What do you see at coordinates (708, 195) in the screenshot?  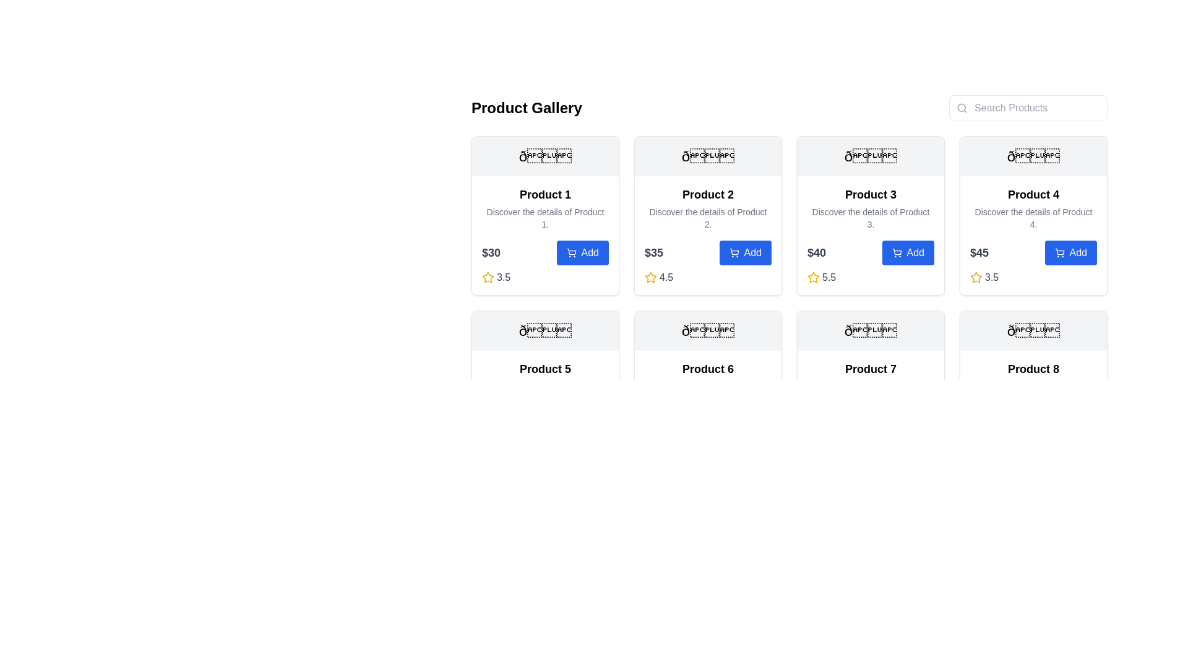 I see `prominent header text 'Product 2' which is centrally aligned in the second column of the first row of the grid layout` at bounding box center [708, 195].